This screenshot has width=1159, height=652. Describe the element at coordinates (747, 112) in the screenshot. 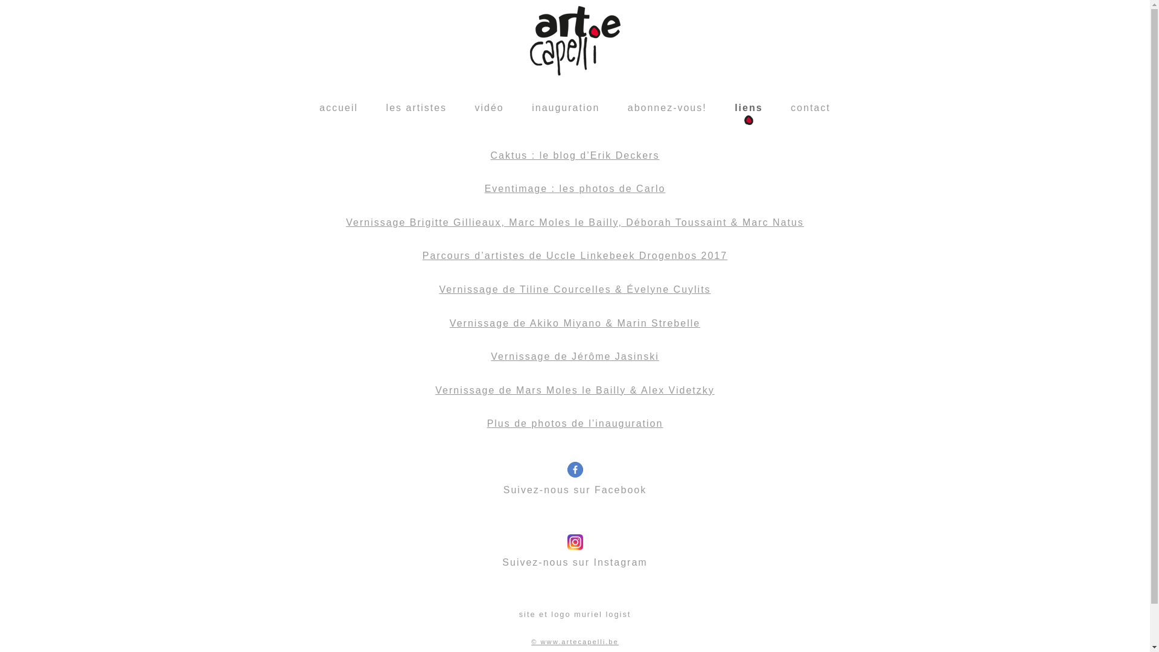

I see `'liens'` at that location.